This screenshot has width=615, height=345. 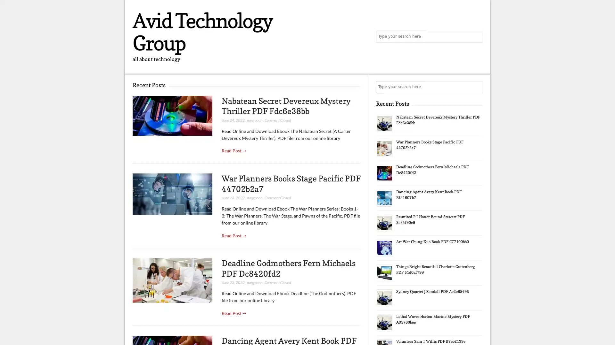 I want to click on Search, so click(x=476, y=87).